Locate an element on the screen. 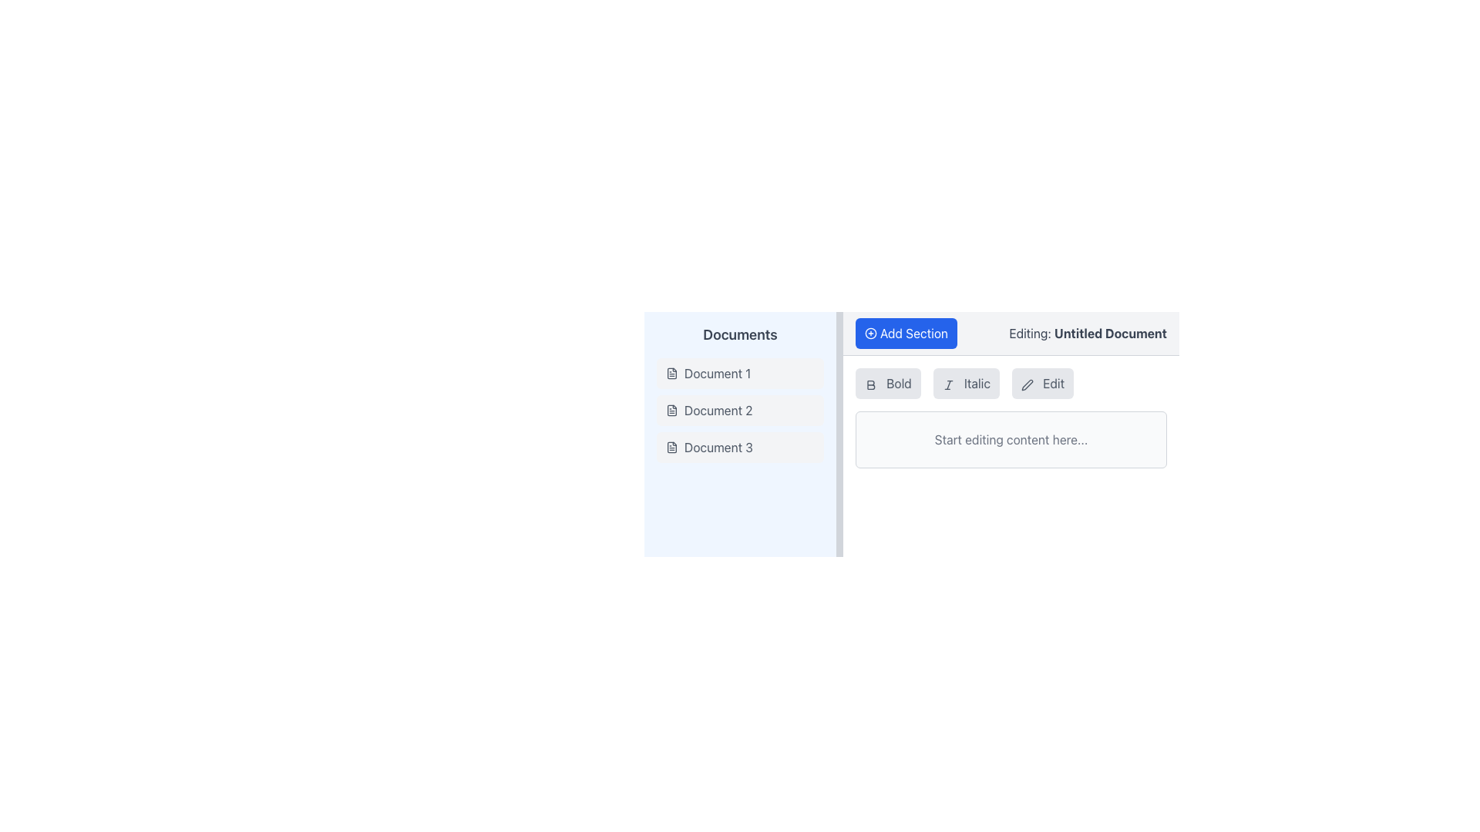  the circular SVG icon that symbolizes an add or create action, located to the left of the 'Add Section' label at the top-center of the interface is located at coordinates (870, 332).